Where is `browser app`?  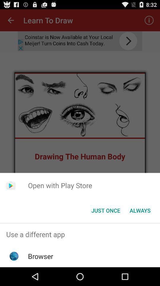 browser app is located at coordinates (40, 256).